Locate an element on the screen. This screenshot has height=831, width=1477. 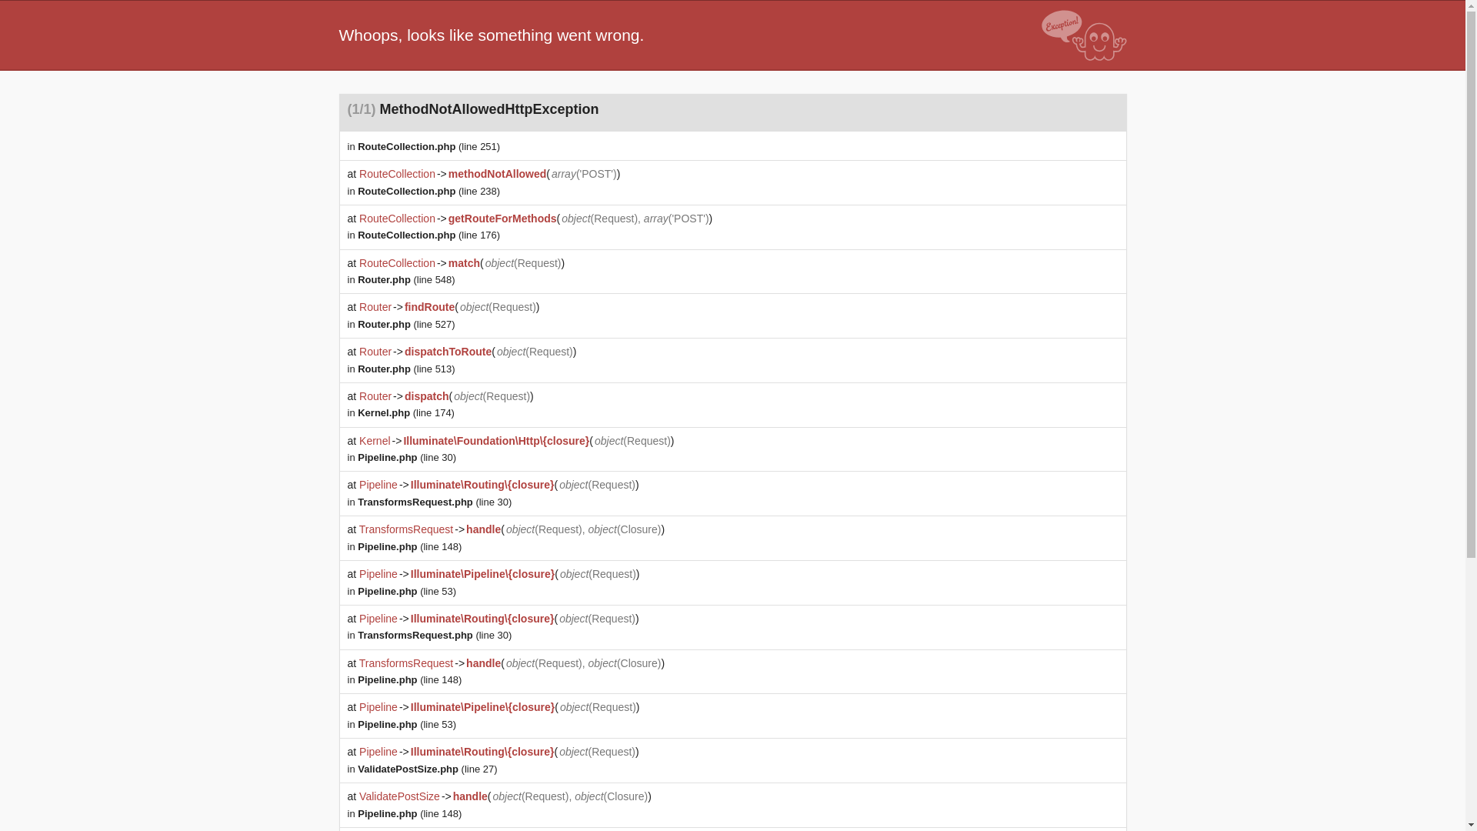
'Pipeline.php (line 148)' is located at coordinates (409, 679).